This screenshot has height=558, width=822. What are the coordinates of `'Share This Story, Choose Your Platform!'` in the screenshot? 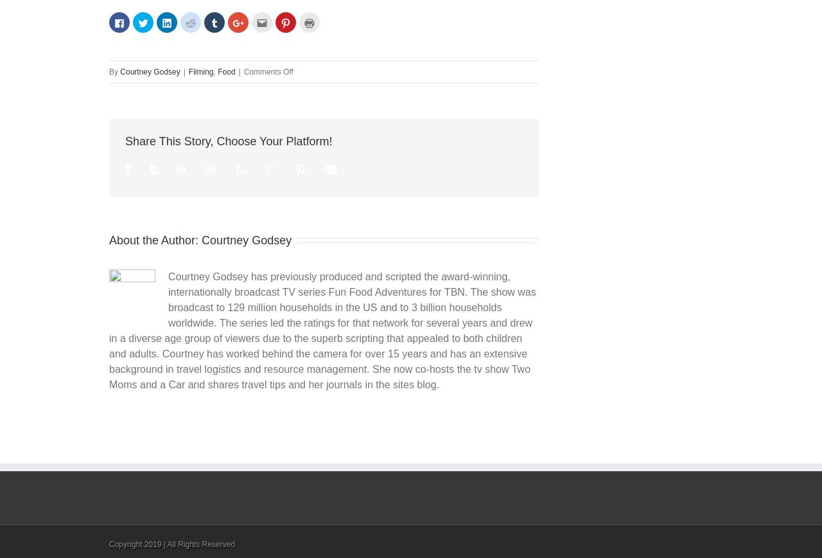 It's located at (228, 140).